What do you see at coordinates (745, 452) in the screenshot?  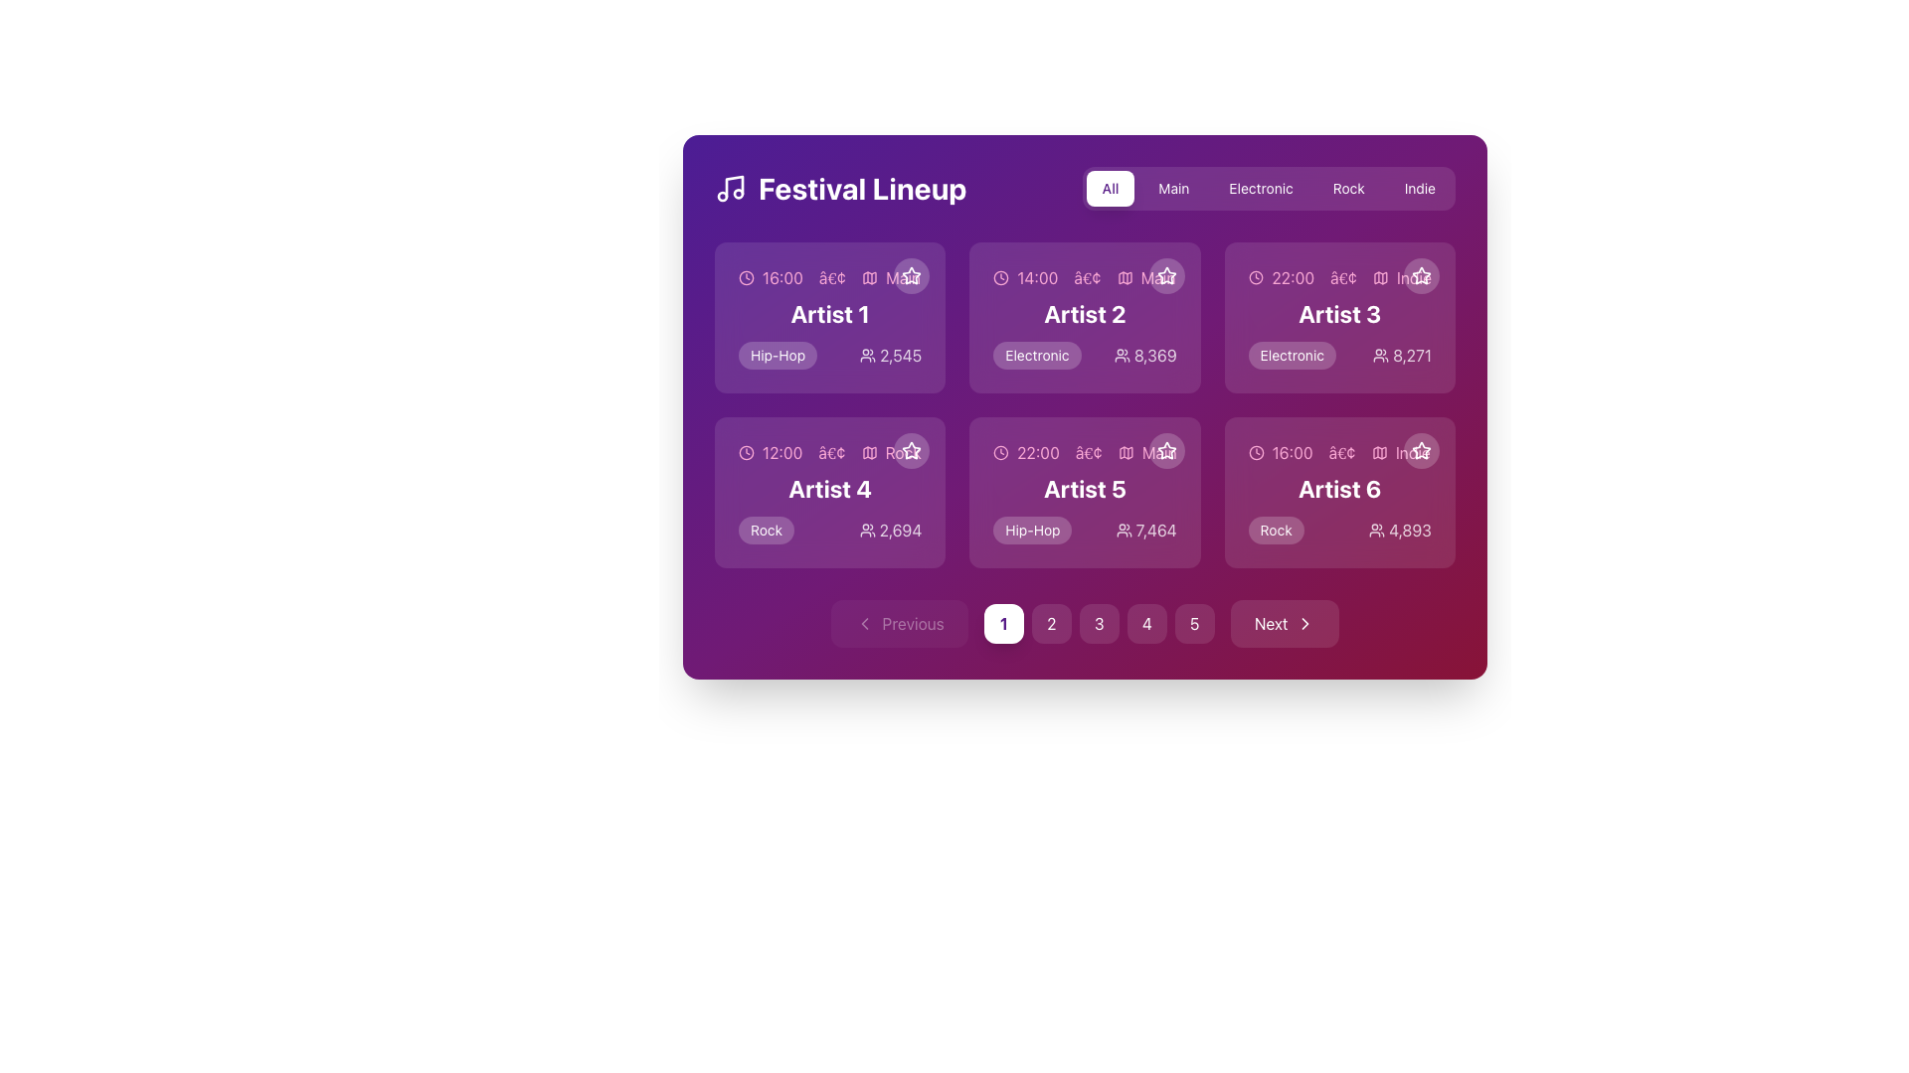 I see `the circular SVG graphical element representing a clock icon, located at the top-left corner of the card for 'Artist 4'` at bounding box center [745, 452].